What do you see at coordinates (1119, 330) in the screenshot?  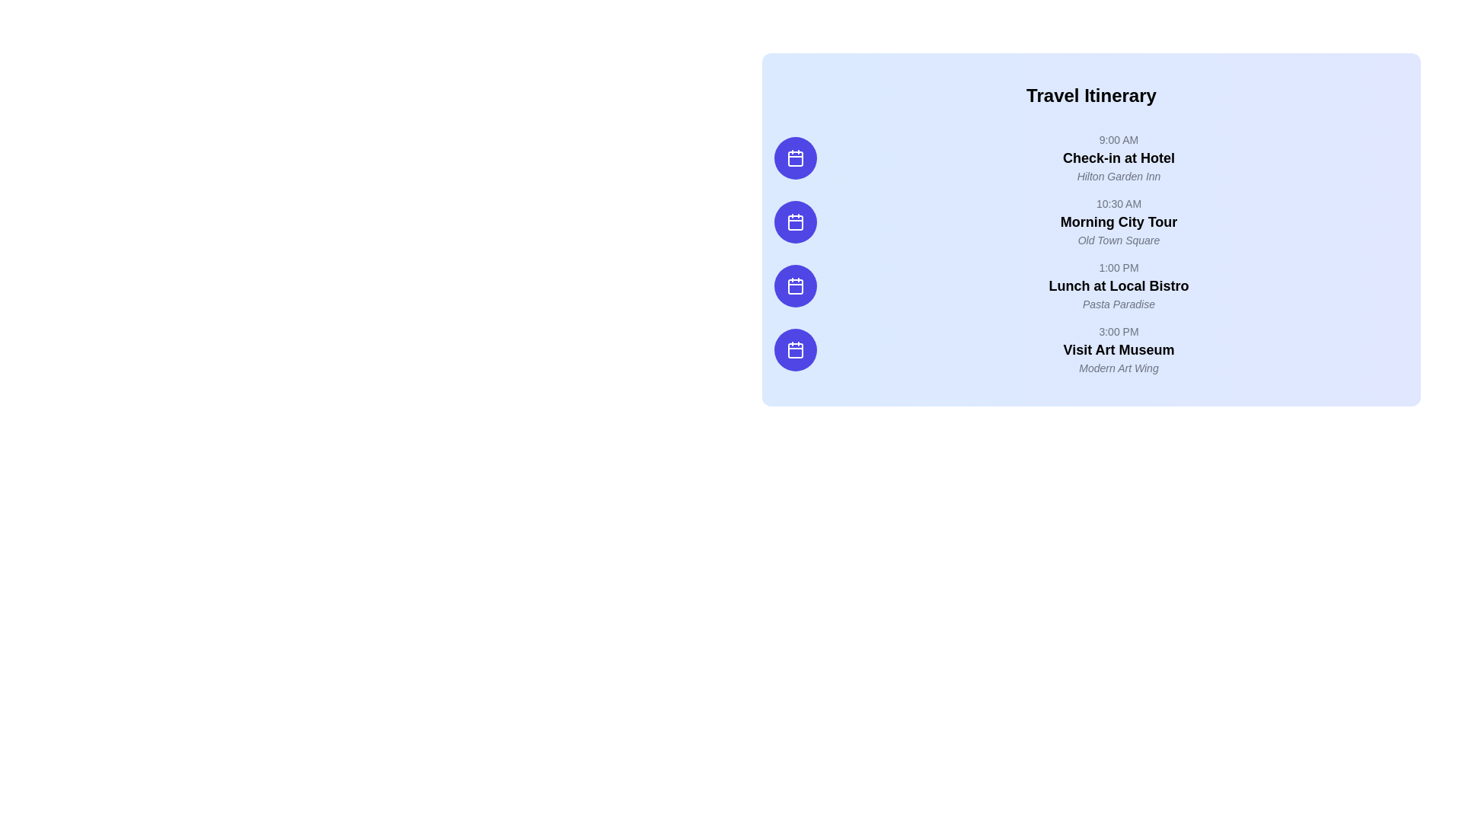 I see `displayed time from the text label indicating the time for a scheduled event in the travel itinerary, positioned above 'Visit Art Museum' and below 'Lunch at Local Bistro'` at bounding box center [1119, 330].